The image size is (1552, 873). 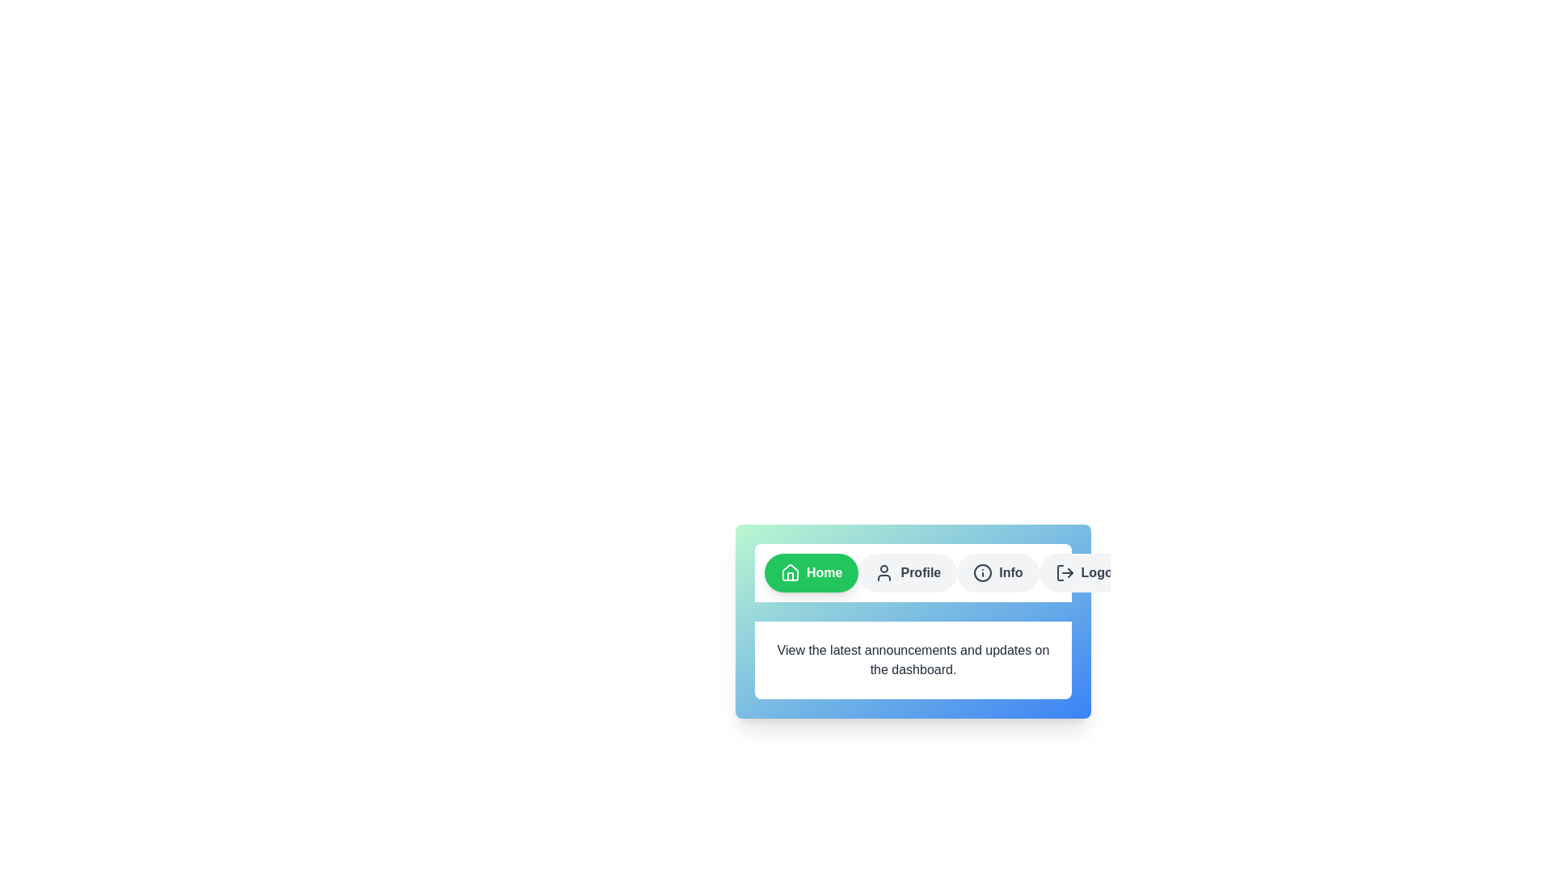 I want to click on the house-shaped icon on the button labeled 'Home', which is located at the top-left side of the interface, so click(x=791, y=572).